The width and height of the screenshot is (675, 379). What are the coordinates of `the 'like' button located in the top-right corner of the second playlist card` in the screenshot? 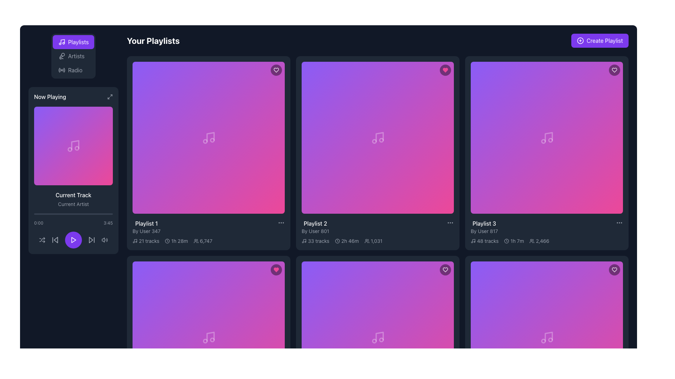 It's located at (445, 70).